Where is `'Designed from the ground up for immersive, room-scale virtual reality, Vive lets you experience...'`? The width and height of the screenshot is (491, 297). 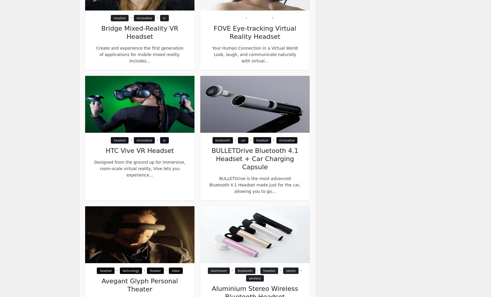
'Designed from the ground up for immersive, room-scale virtual reality, Vive lets you experience...' is located at coordinates (139, 169).